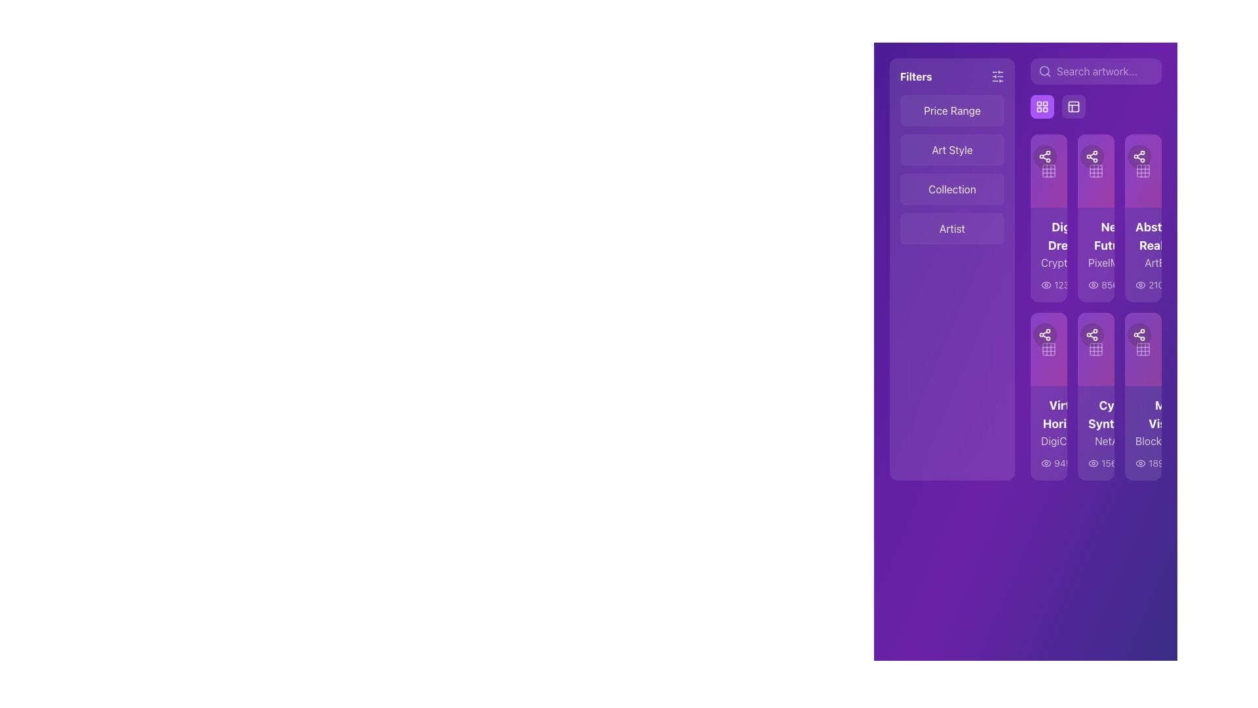 The width and height of the screenshot is (1258, 708). I want to click on the heart-shaped icon located in the second row and second column of the grid to mark it as favorite, so click(1109, 334).